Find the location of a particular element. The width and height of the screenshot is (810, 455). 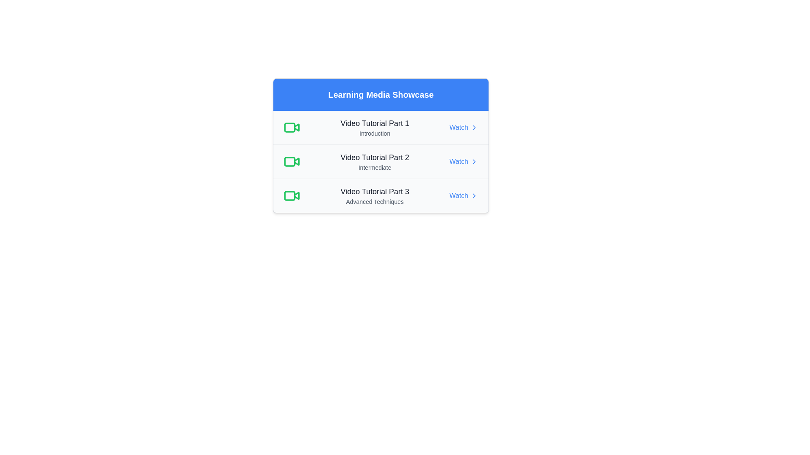

the small green rectangle icon with rounded edges located to the left of the list item labeled 'Video Tutorial Part 1' is located at coordinates (289, 128).